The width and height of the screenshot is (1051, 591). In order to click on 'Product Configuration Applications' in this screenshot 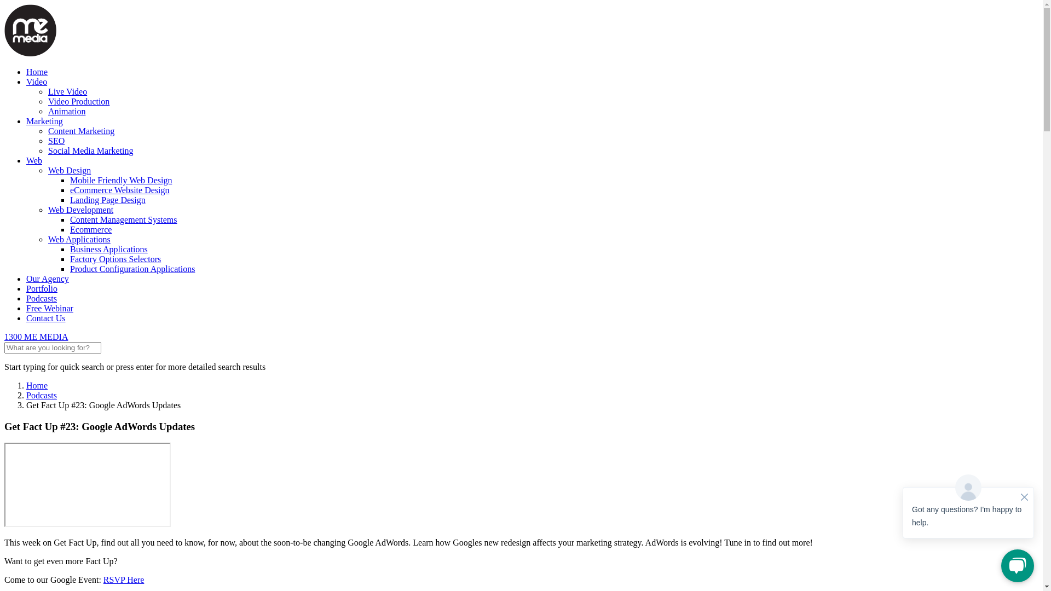, I will do `click(131, 269)`.